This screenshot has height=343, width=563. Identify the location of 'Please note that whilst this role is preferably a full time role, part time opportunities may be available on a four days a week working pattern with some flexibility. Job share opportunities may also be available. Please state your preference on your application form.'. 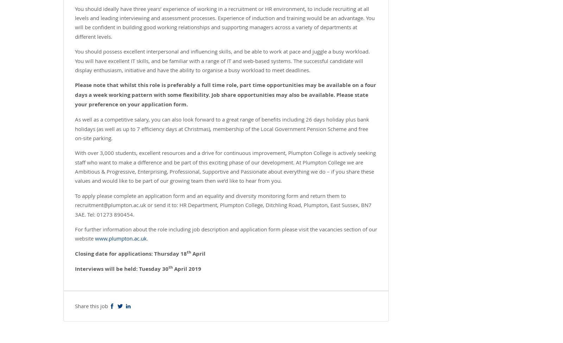
(225, 94).